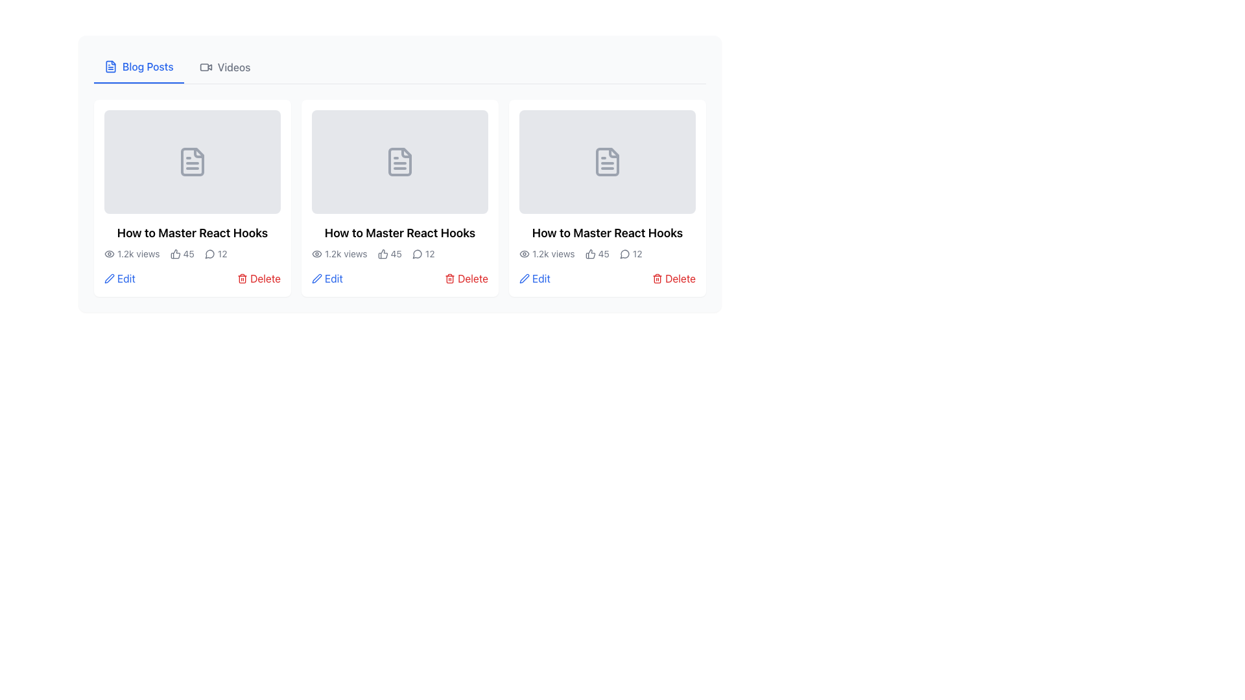 This screenshot has width=1245, height=700. Describe the element at coordinates (382, 254) in the screenshot. I see `the thumbs-up icon representing like functionality, located in the second column of interactive cards under the section 'How to Master React Hooks'` at that location.